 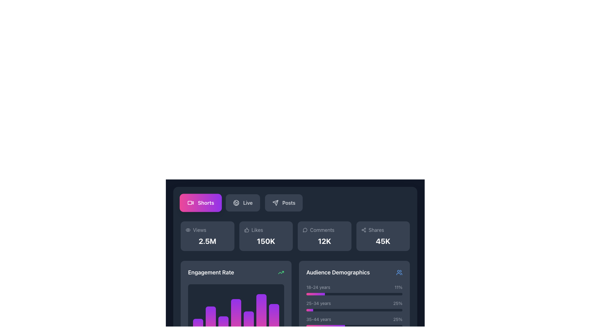 I want to click on the middle button with a dark gray background and 'Live' text, so click(x=242, y=203).